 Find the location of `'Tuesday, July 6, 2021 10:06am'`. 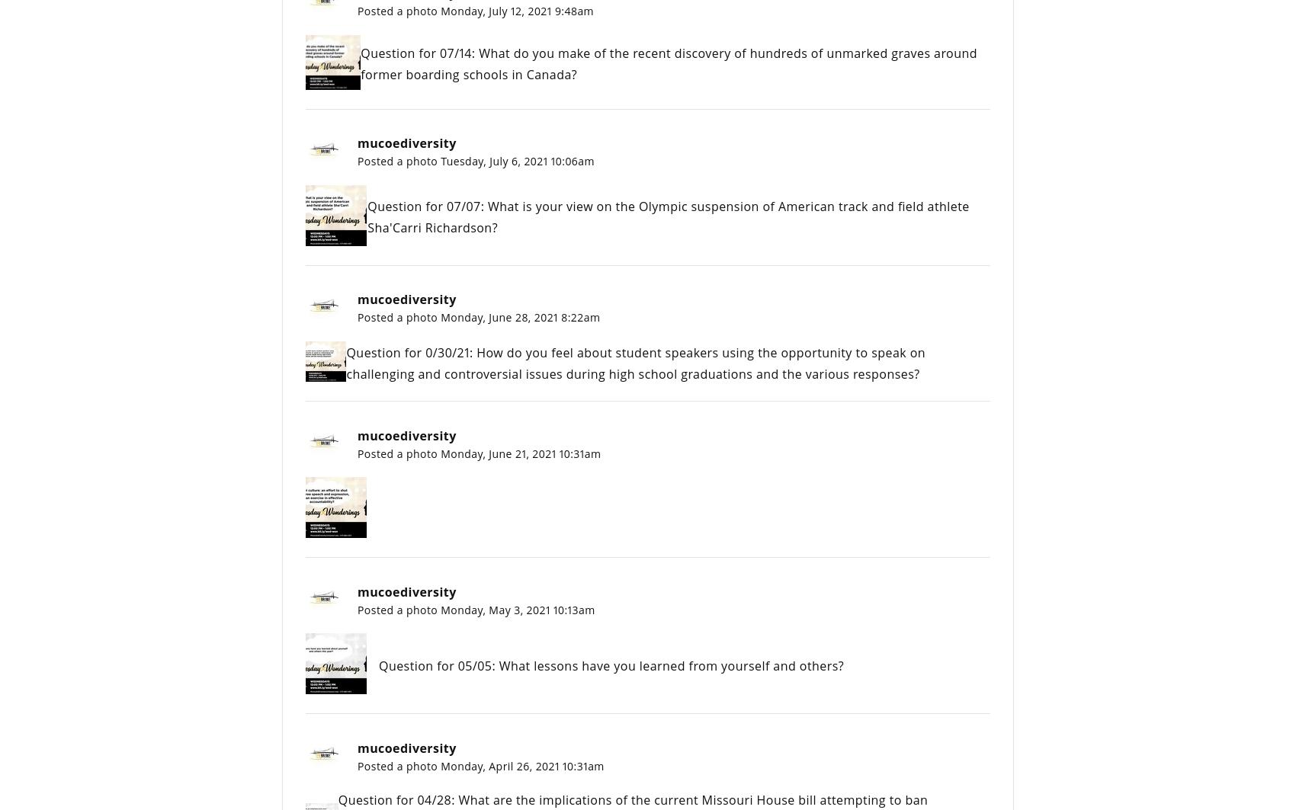

'Tuesday, July 6, 2021 10:06am' is located at coordinates (517, 161).